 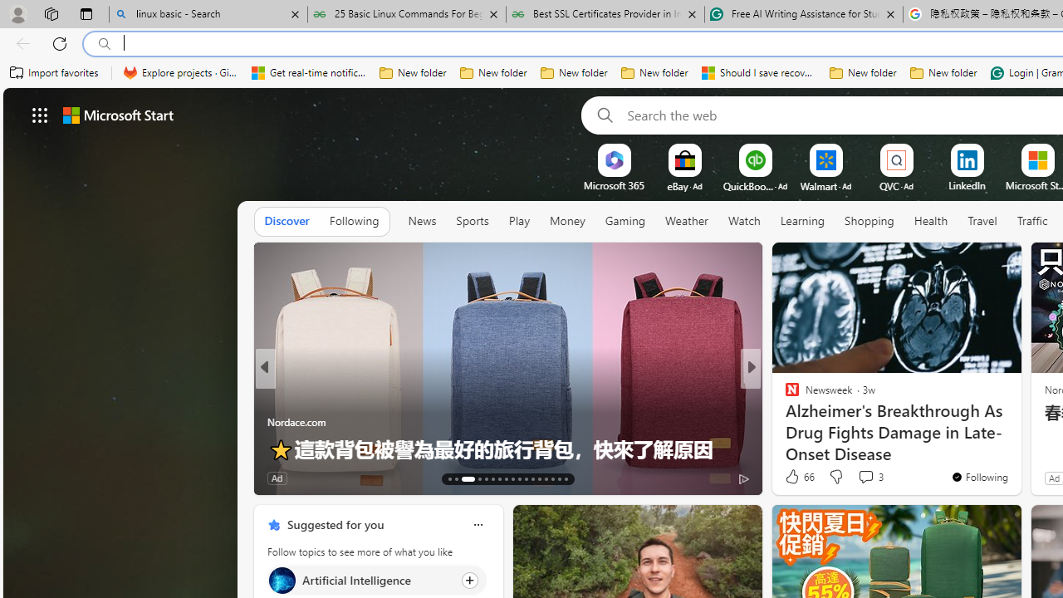 I want to click on 'Start the conversation', so click(x=860, y=478).